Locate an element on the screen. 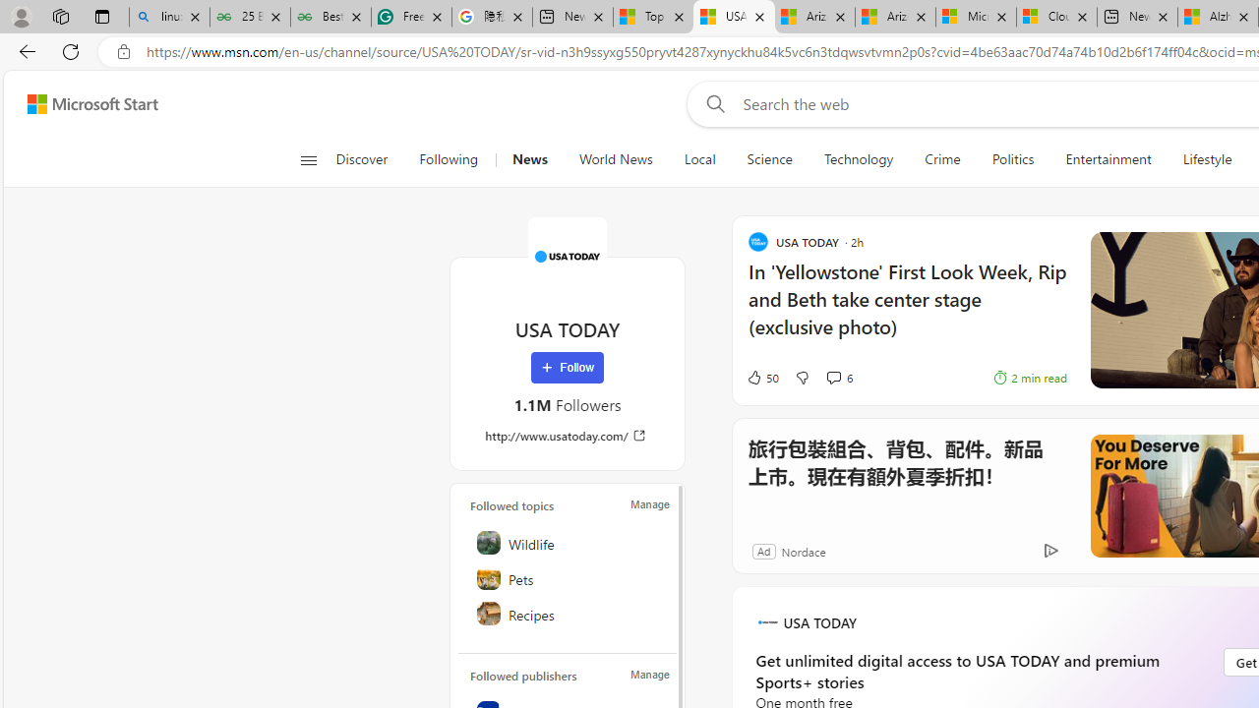  '50 Like' is located at coordinates (761, 378).